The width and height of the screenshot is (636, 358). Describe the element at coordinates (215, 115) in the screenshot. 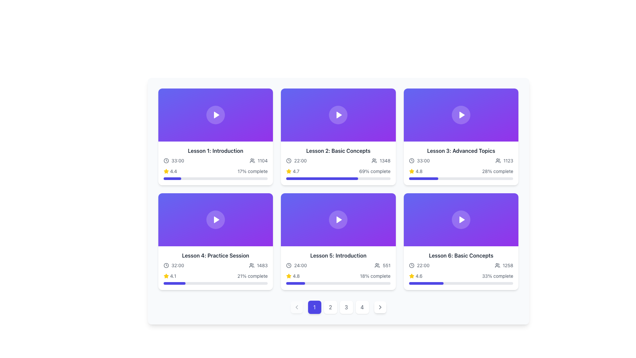

I see `the circular button with a white play icon in the center, located at the center of the first card in the top row of the grid layout` at that location.